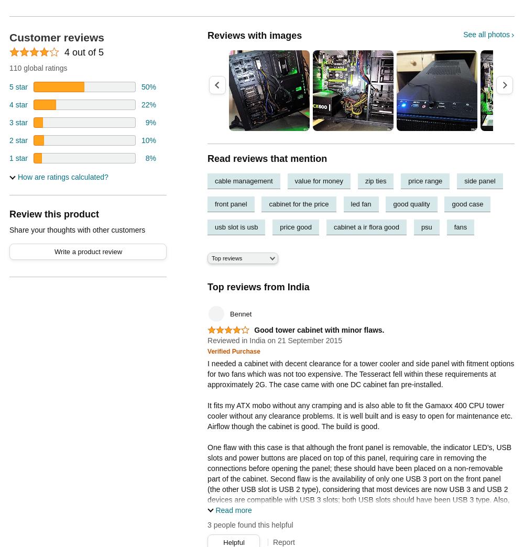 The image size is (524, 547). What do you see at coordinates (88, 251) in the screenshot?
I see `'Write a product review'` at bounding box center [88, 251].